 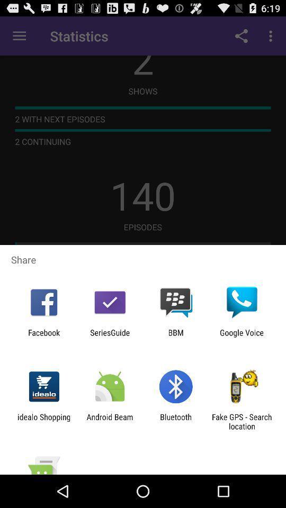 What do you see at coordinates (43, 337) in the screenshot?
I see `the facebook app` at bounding box center [43, 337].